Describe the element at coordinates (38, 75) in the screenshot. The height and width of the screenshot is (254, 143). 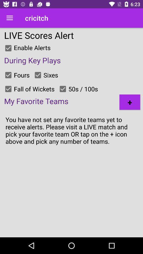
I see `get alerts for sixes` at that location.